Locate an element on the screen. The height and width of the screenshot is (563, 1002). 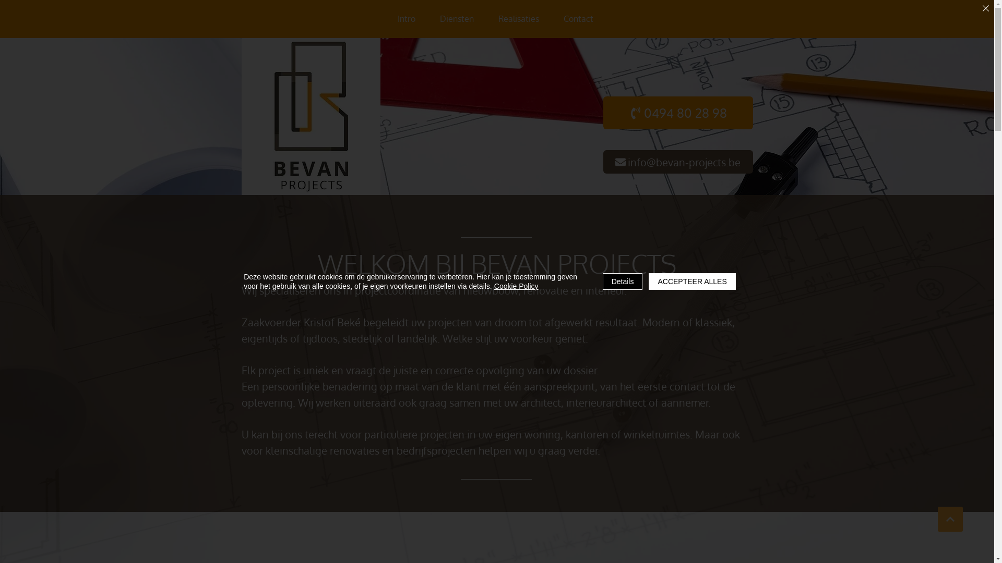
'Diensten' is located at coordinates (457, 19).